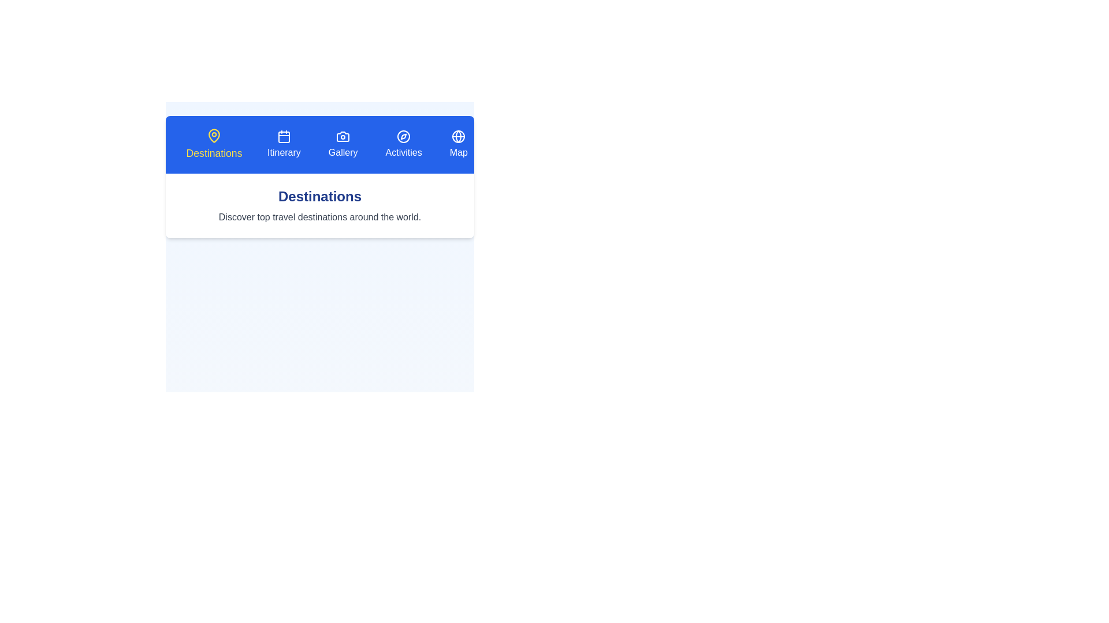  What do you see at coordinates (404, 136) in the screenshot?
I see `compass needle icon visually represented within the compass icon in the top blue navigation bar, which is the fourth icon from the left` at bounding box center [404, 136].